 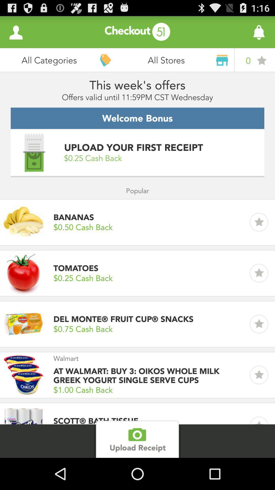 What do you see at coordinates (244, 34) in the screenshot?
I see `the notifications icon` at bounding box center [244, 34].